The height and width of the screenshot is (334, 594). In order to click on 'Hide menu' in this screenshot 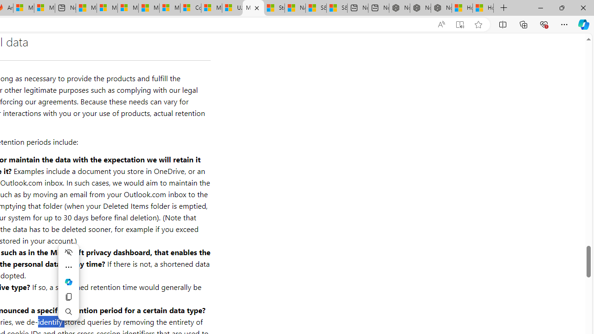, I will do `click(68, 252)`.